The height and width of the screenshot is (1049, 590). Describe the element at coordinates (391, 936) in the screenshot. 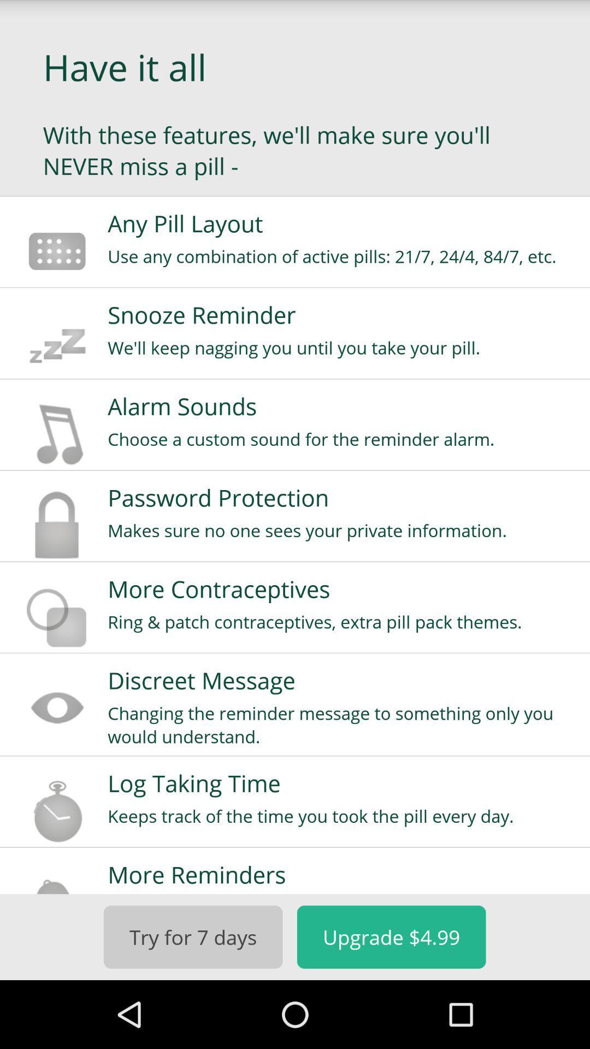

I see `the upgrade $4.99 item` at that location.